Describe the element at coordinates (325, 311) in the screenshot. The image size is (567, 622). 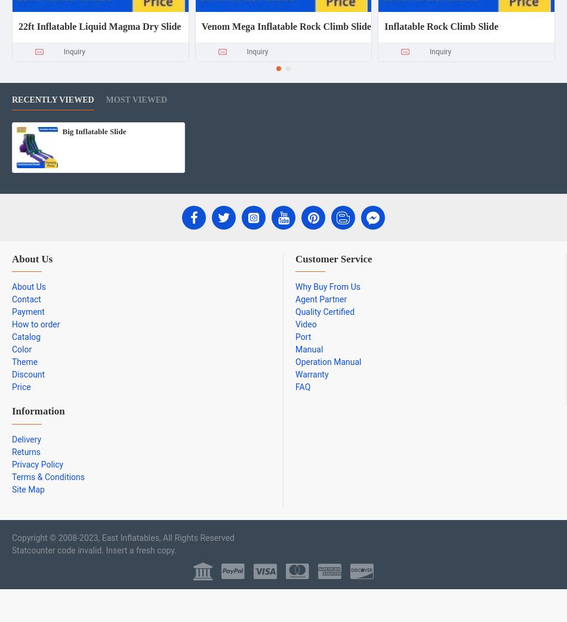
I see `'Quality Certified'` at that location.